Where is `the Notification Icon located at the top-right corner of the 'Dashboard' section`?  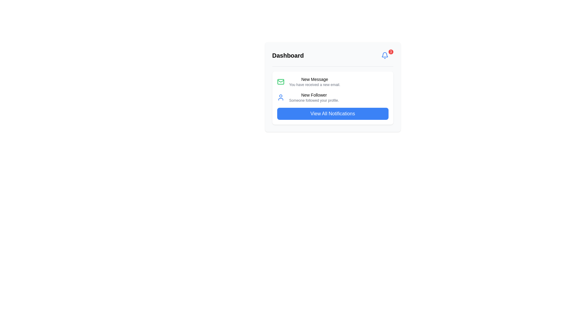
the Notification Icon located at the top-right corner of the 'Dashboard' section is located at coordinates (384, 56).